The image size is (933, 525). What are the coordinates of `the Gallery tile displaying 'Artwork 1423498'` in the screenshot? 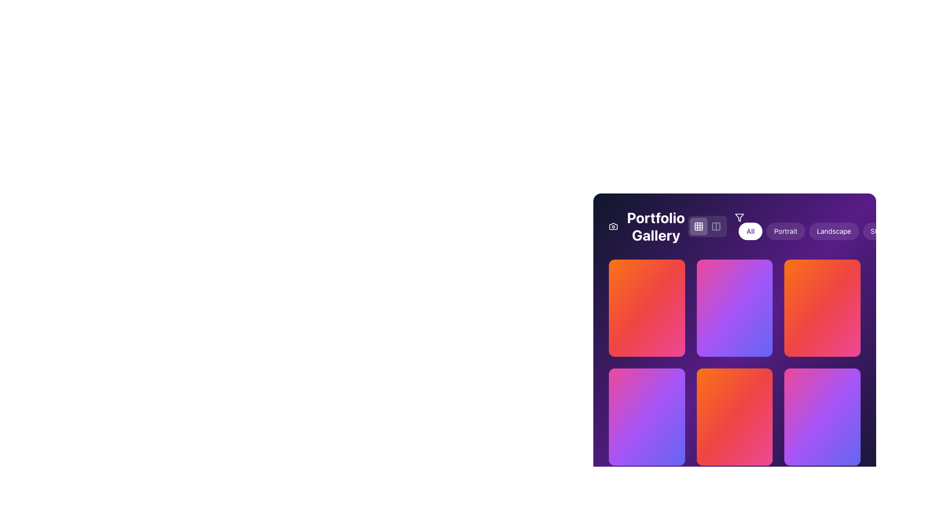 It's located at (647, 308).